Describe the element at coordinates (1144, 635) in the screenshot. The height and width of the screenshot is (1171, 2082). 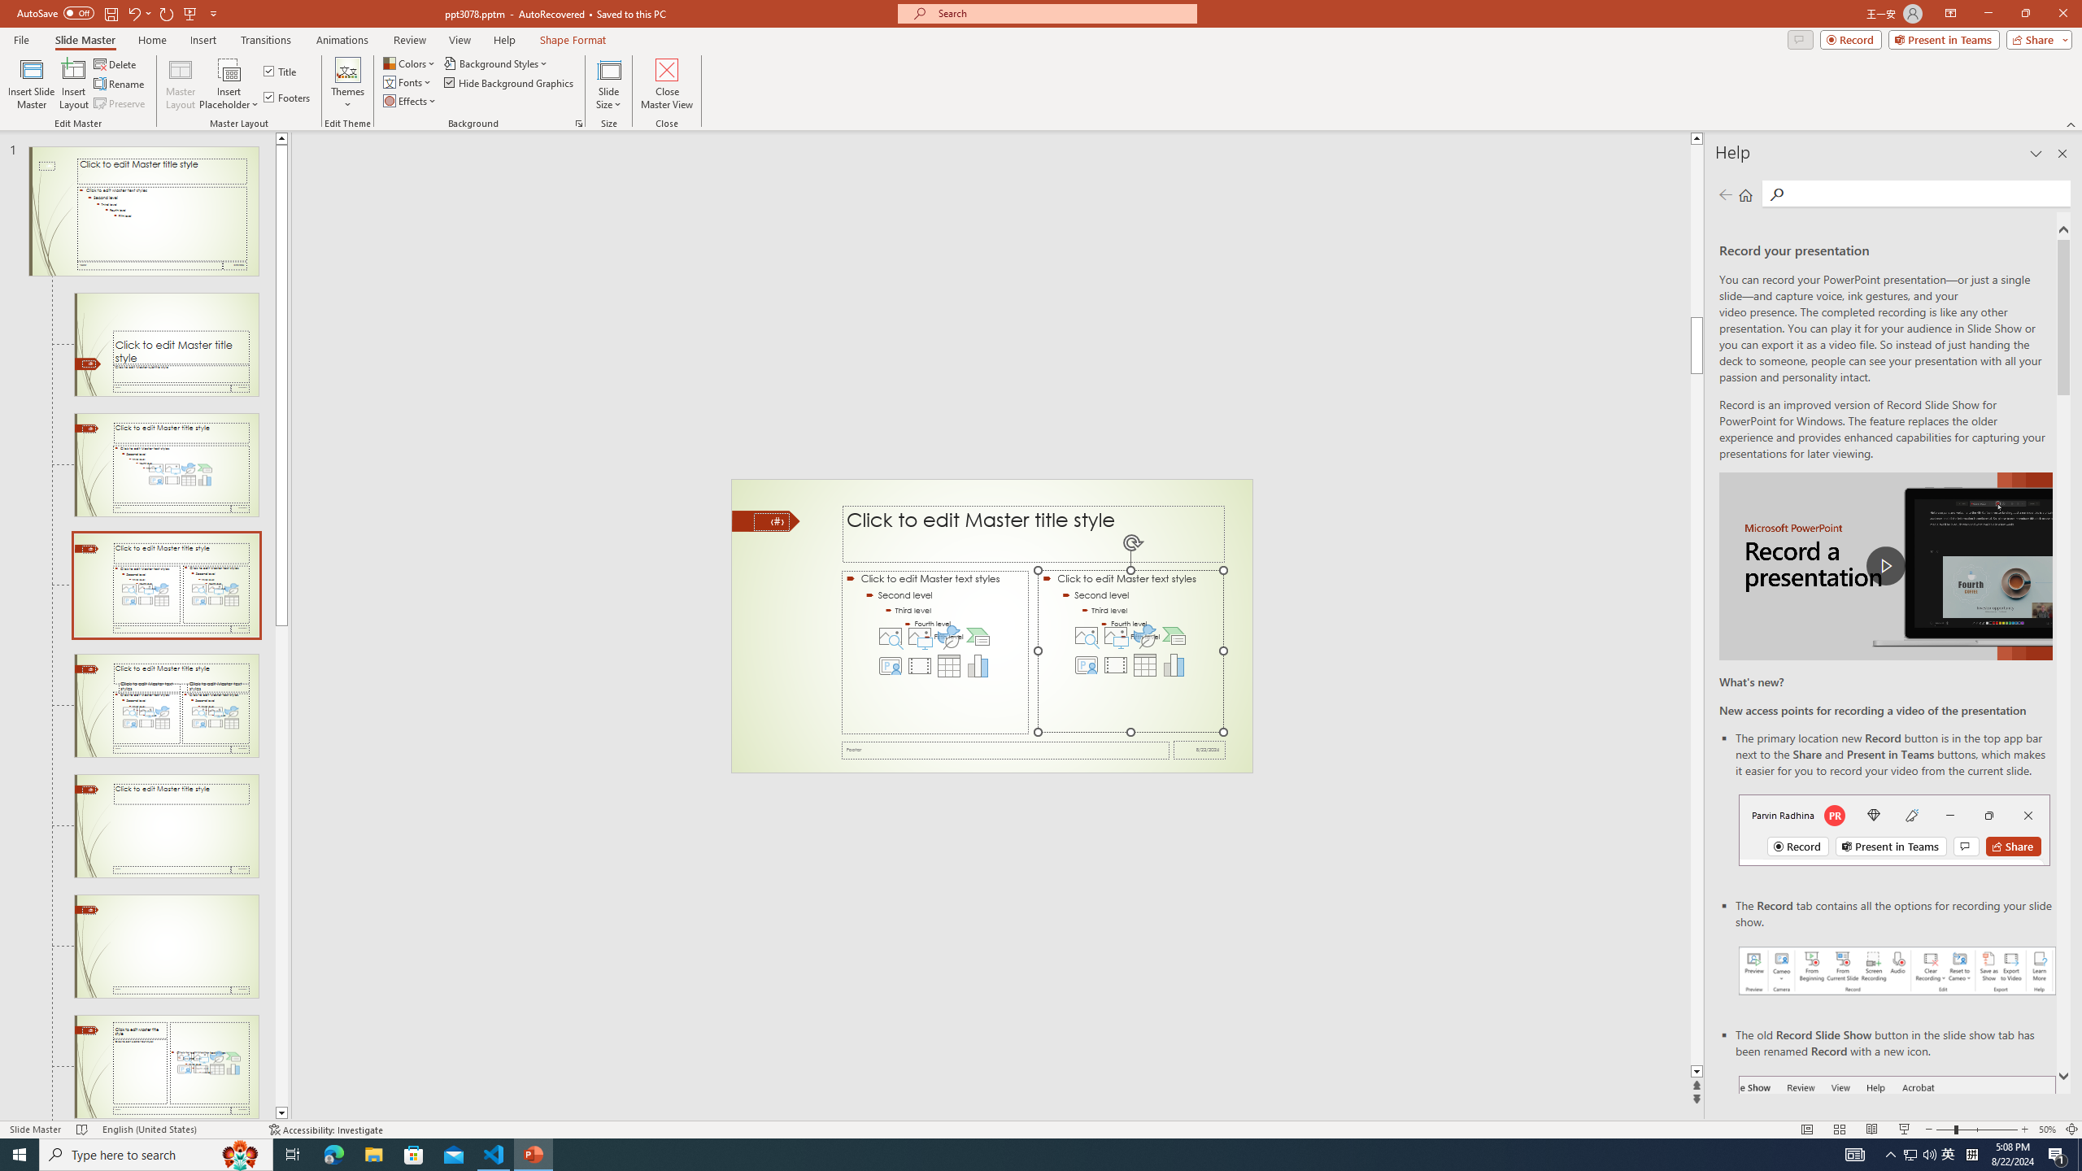
I see `'Insert an Icon'` at that location.